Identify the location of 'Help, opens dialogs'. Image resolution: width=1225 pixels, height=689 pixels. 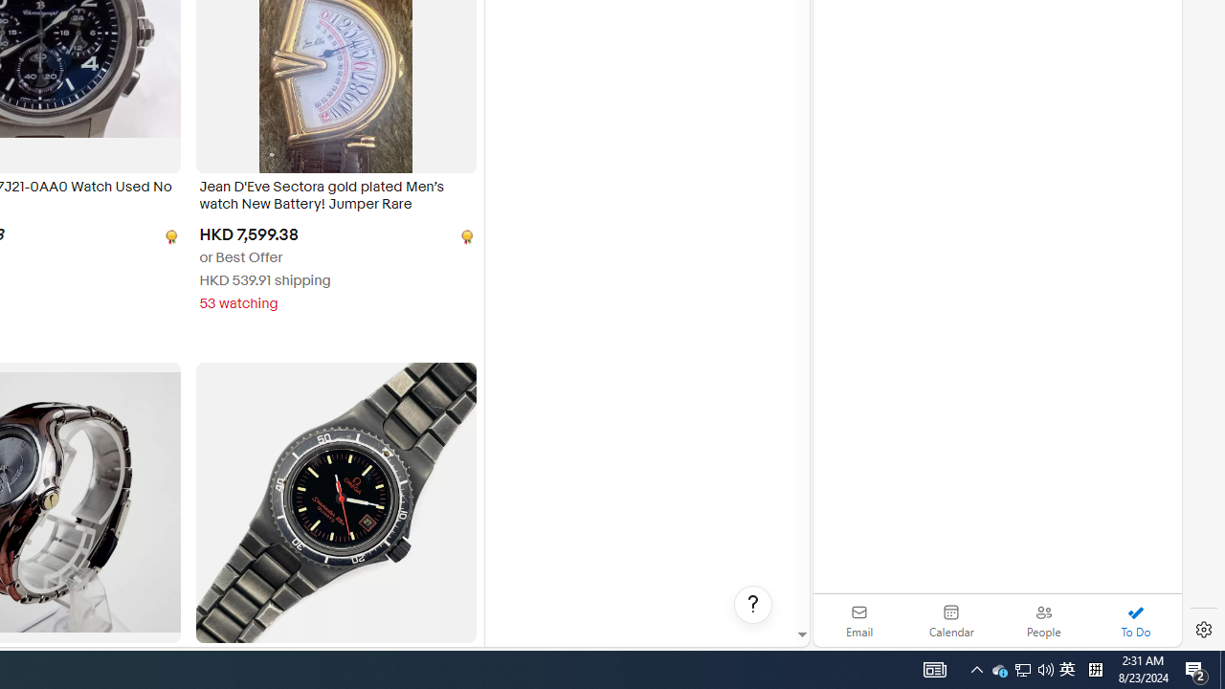
(752, 605).